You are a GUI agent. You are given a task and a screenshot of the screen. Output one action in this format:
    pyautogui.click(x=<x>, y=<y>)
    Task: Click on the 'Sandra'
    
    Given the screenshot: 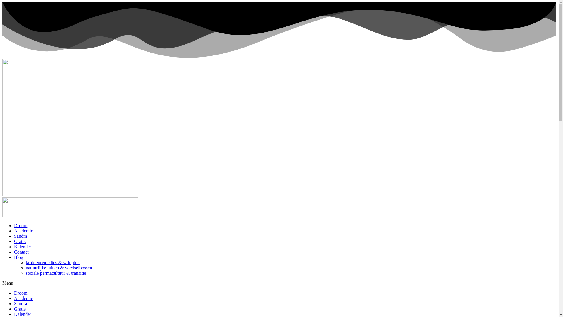 What is the action you would take?
    pyautogui.click(x=21, y=303)
    